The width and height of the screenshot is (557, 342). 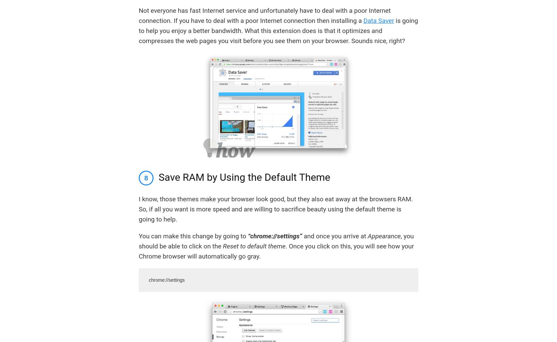 I want to click on 'I know, those themes make your browser look good, but they also eat away at the browsers RAM. So, if all you want is more speed and are willing to sacrifice beauty using the default theme is going to help.', so click(x=276, y=209).